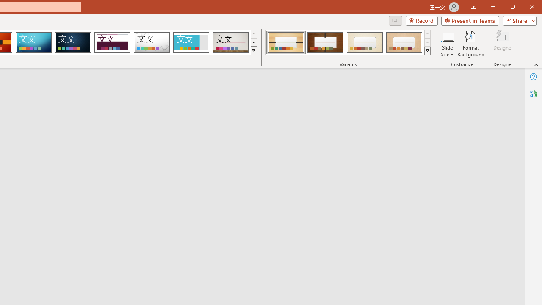 This screenshot has height=305, width=542. Describe the element at coordinates (365, 42) in the screenshot. I see `'Organic Variant 3'` at that location.